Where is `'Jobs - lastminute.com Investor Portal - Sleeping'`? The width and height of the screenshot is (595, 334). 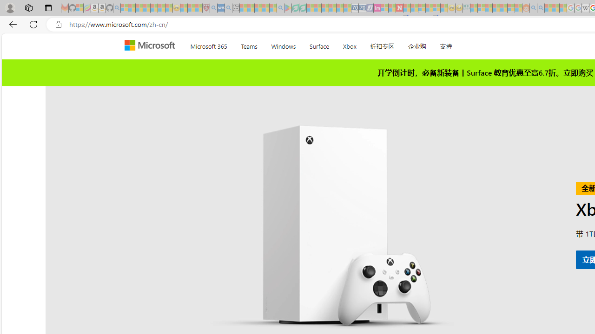 'Jobs - lastminute.com Investor Portal - Sleeping' is located at coordinates (377, 8).